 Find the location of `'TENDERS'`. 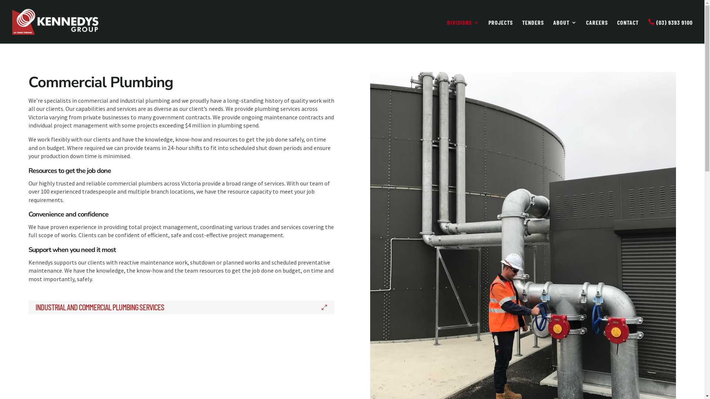

'TENDERS' is located at coordinates (533, 31).